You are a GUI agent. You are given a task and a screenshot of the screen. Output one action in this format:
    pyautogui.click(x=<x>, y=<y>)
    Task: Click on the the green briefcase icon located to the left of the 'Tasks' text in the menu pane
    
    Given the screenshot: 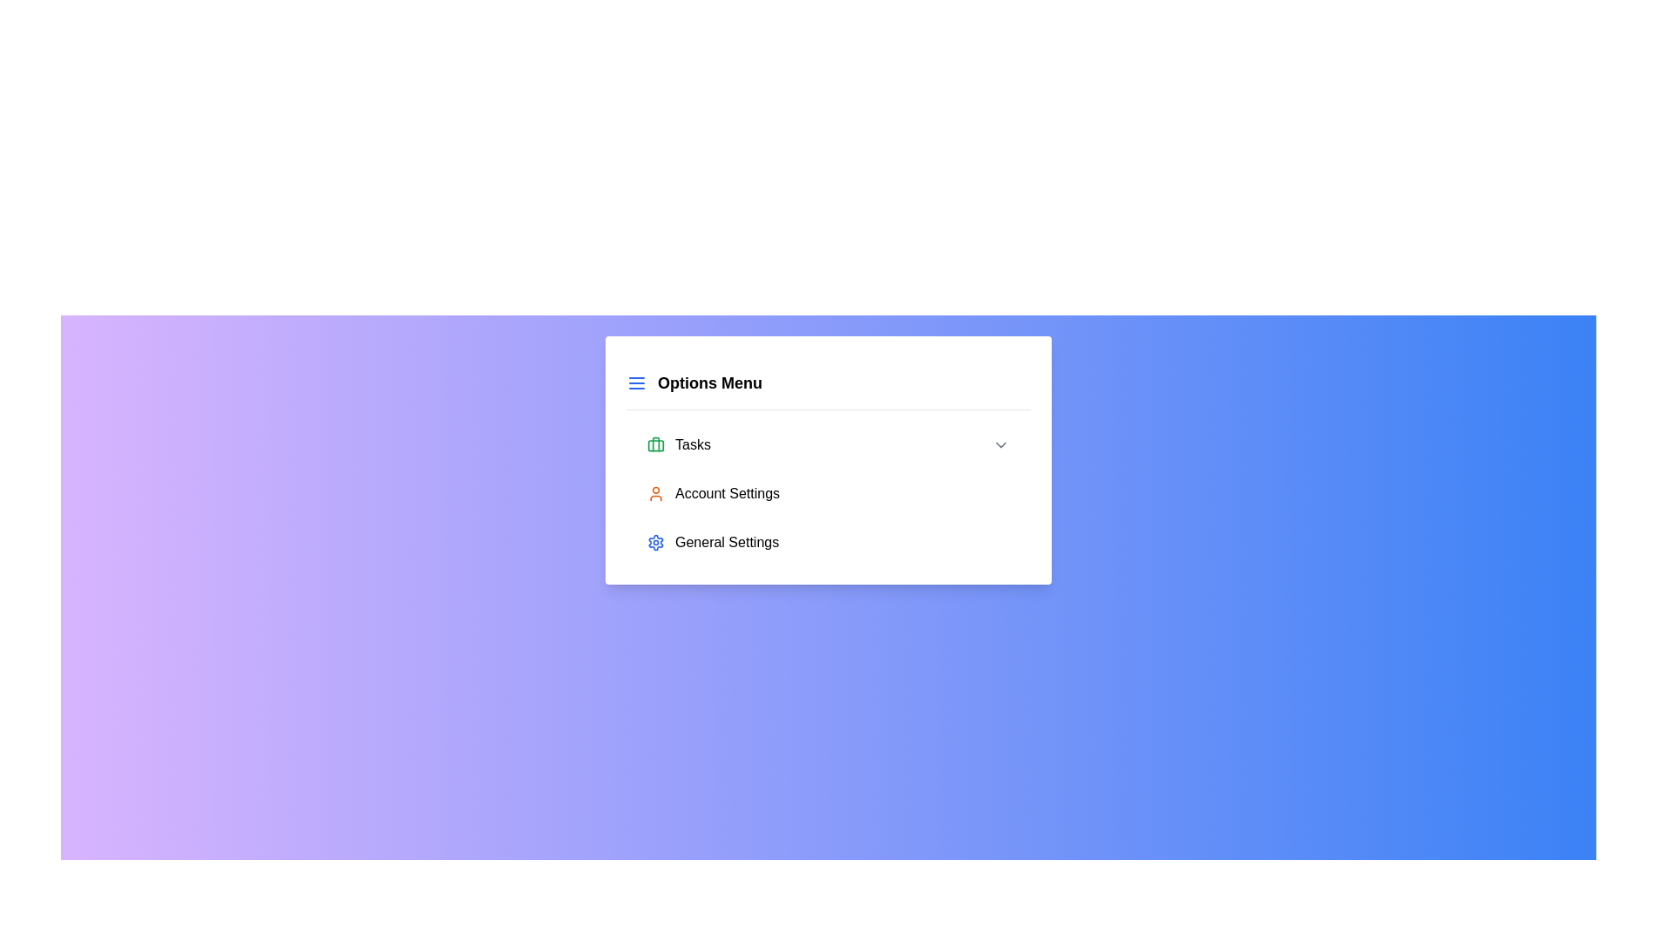 What is the action you would take?
    pyautogui.click(x=655, y=443)
    